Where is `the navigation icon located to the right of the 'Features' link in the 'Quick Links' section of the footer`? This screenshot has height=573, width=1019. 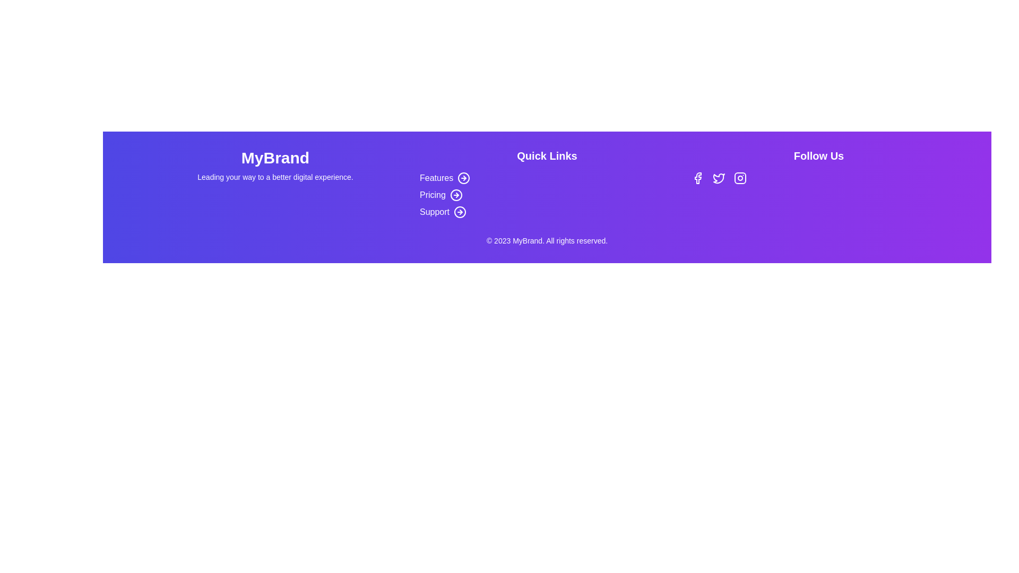
the navigation icon located to the right of the 'Features' link in the 'Quick Links' section of the footer is located at coordinates (464, 177).